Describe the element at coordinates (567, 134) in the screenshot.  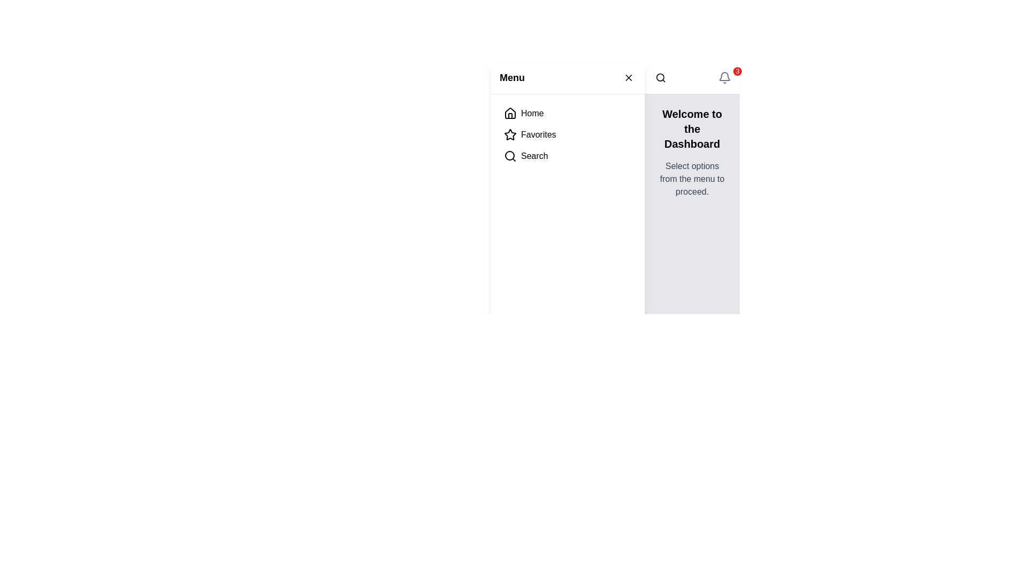
I see `the second item in the vertical menu that serves as a navigation link to the favorites page` at that location.